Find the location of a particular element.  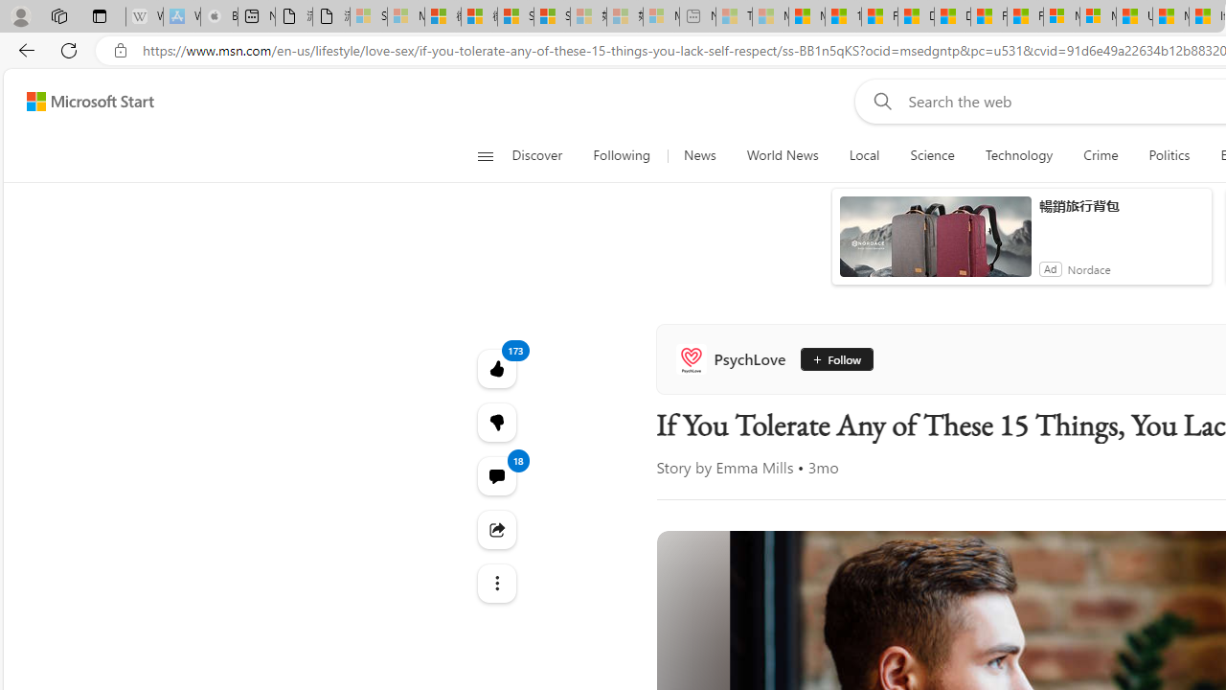

'anim-content' is located at coordinates (935, 243).